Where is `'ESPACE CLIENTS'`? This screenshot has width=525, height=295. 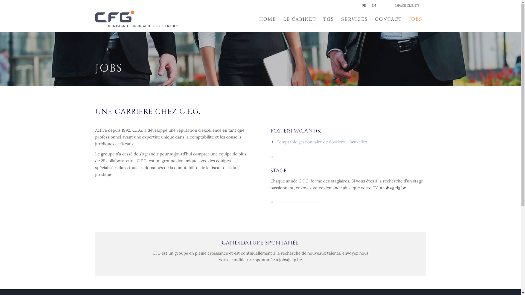
'ESPACE CLIENTS' is located at coordinates (407, 5).